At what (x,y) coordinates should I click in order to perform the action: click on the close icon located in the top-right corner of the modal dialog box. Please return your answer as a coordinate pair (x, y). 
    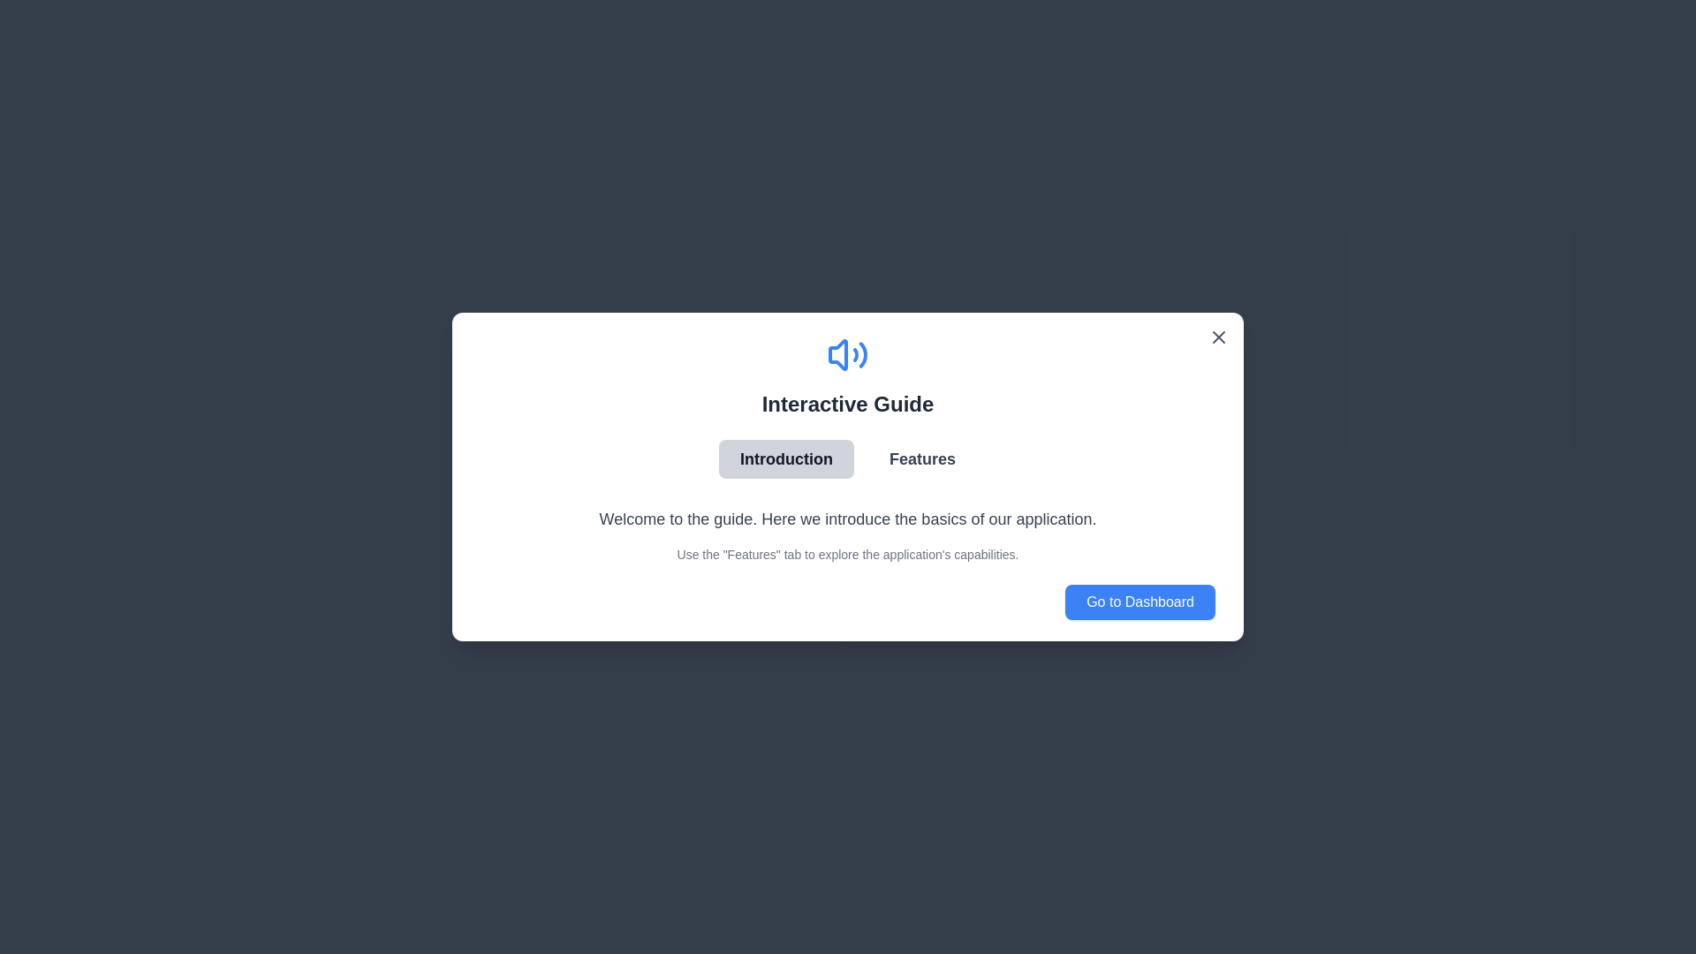
    Looking at the image, I should click on (1218, 337).